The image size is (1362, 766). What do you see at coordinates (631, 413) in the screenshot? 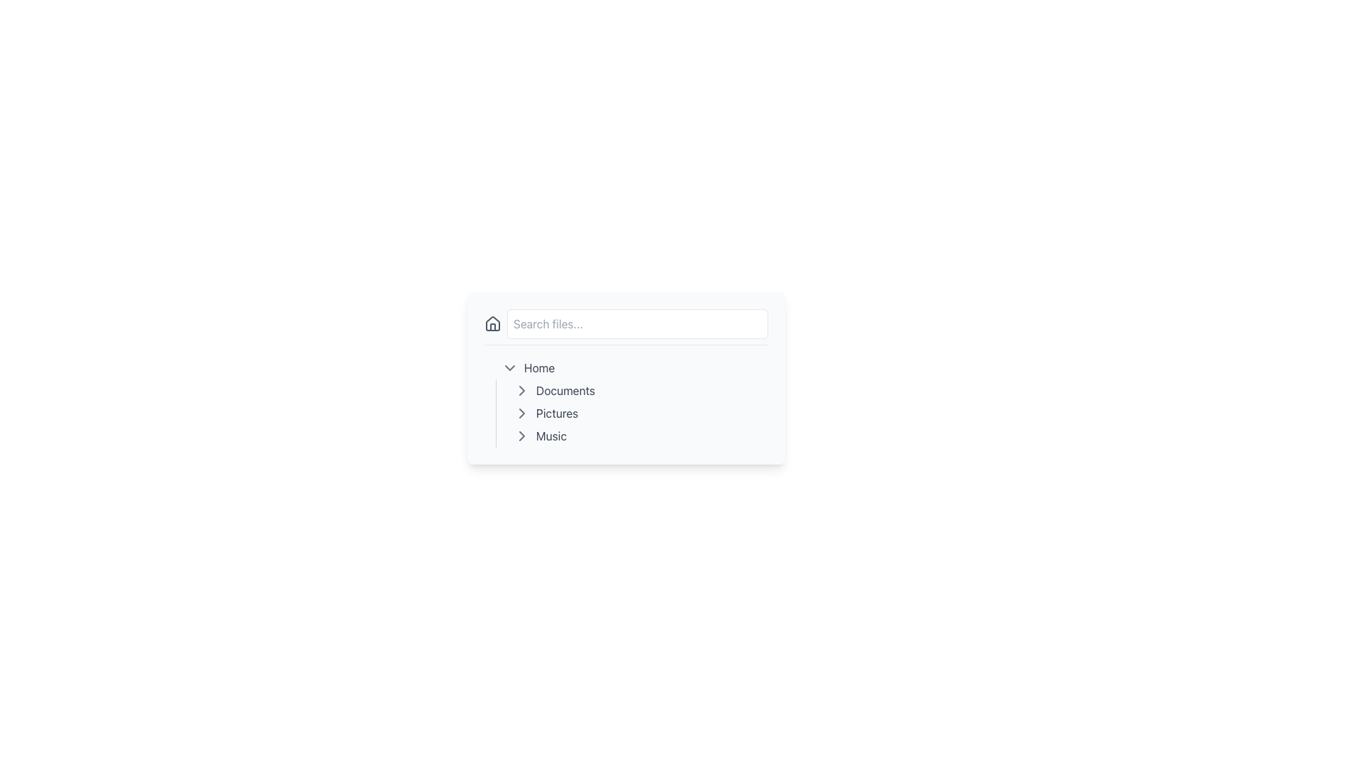
I see `the navigation list component located beneath the 'Home' section` at bounding box center [631, 413].